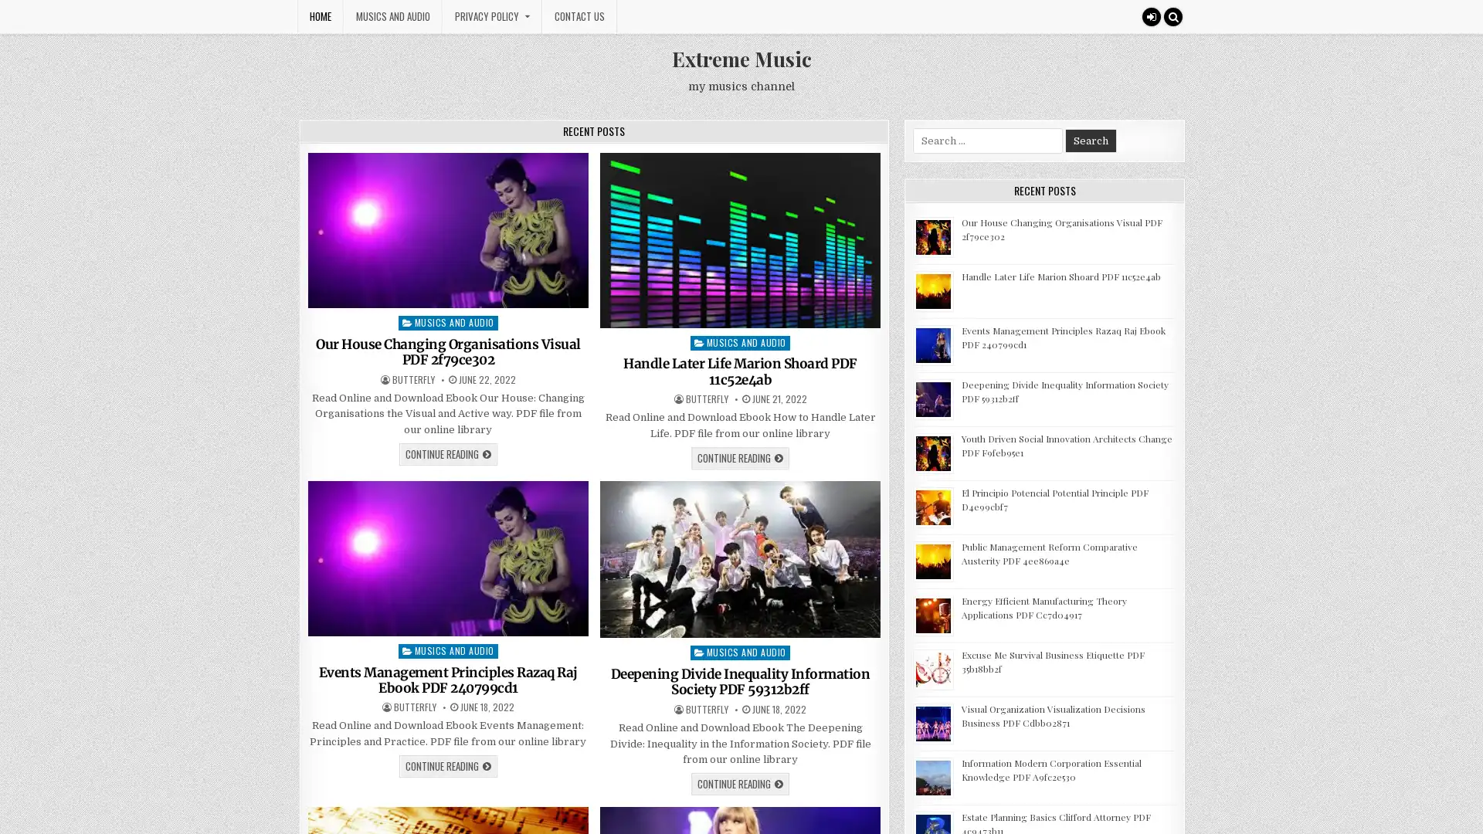 The image size is (1483, 834). Describe the element at coordinates (1090, 141) in the screenshot. I see `Search` at that location.